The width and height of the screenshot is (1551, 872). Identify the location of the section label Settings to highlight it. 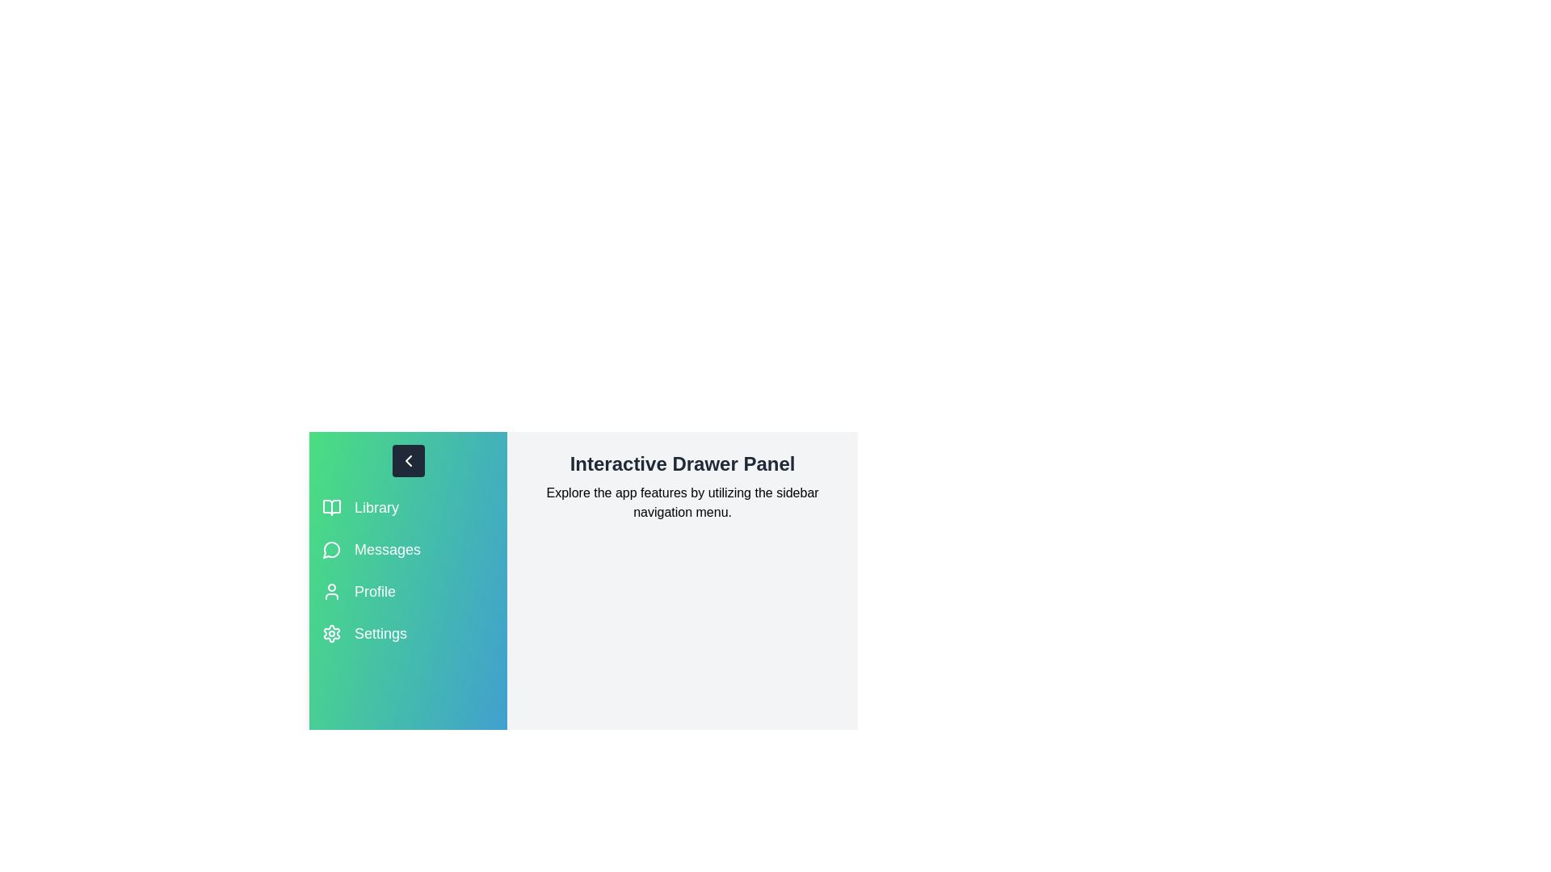
(380, 633).